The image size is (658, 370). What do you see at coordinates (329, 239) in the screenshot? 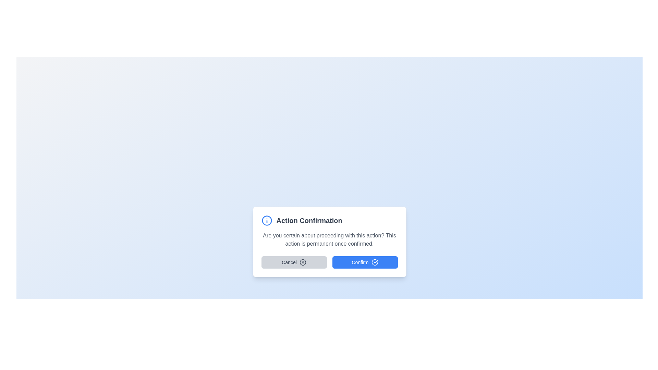
I see `text label that asks for confirmation about proceeding with a permanent action, located below the 'Action Confirmation' heading and above the 'Cancel' and 'Confirm' buttons` at bounding box center [329, 239].